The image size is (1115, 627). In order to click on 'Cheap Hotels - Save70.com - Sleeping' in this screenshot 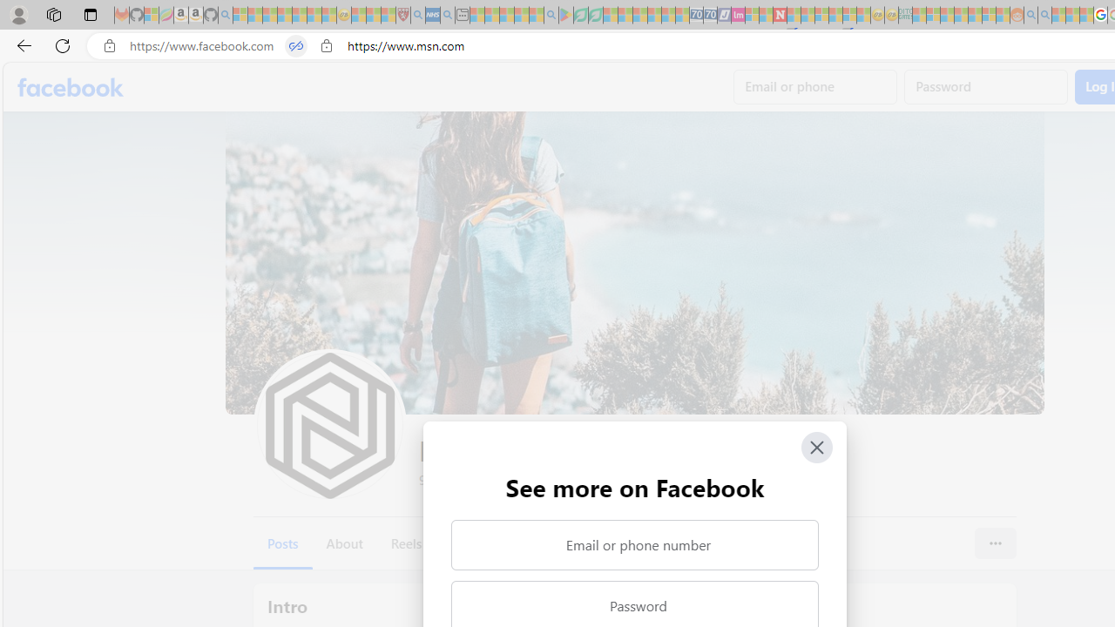, I will do `click(710, 15)`.